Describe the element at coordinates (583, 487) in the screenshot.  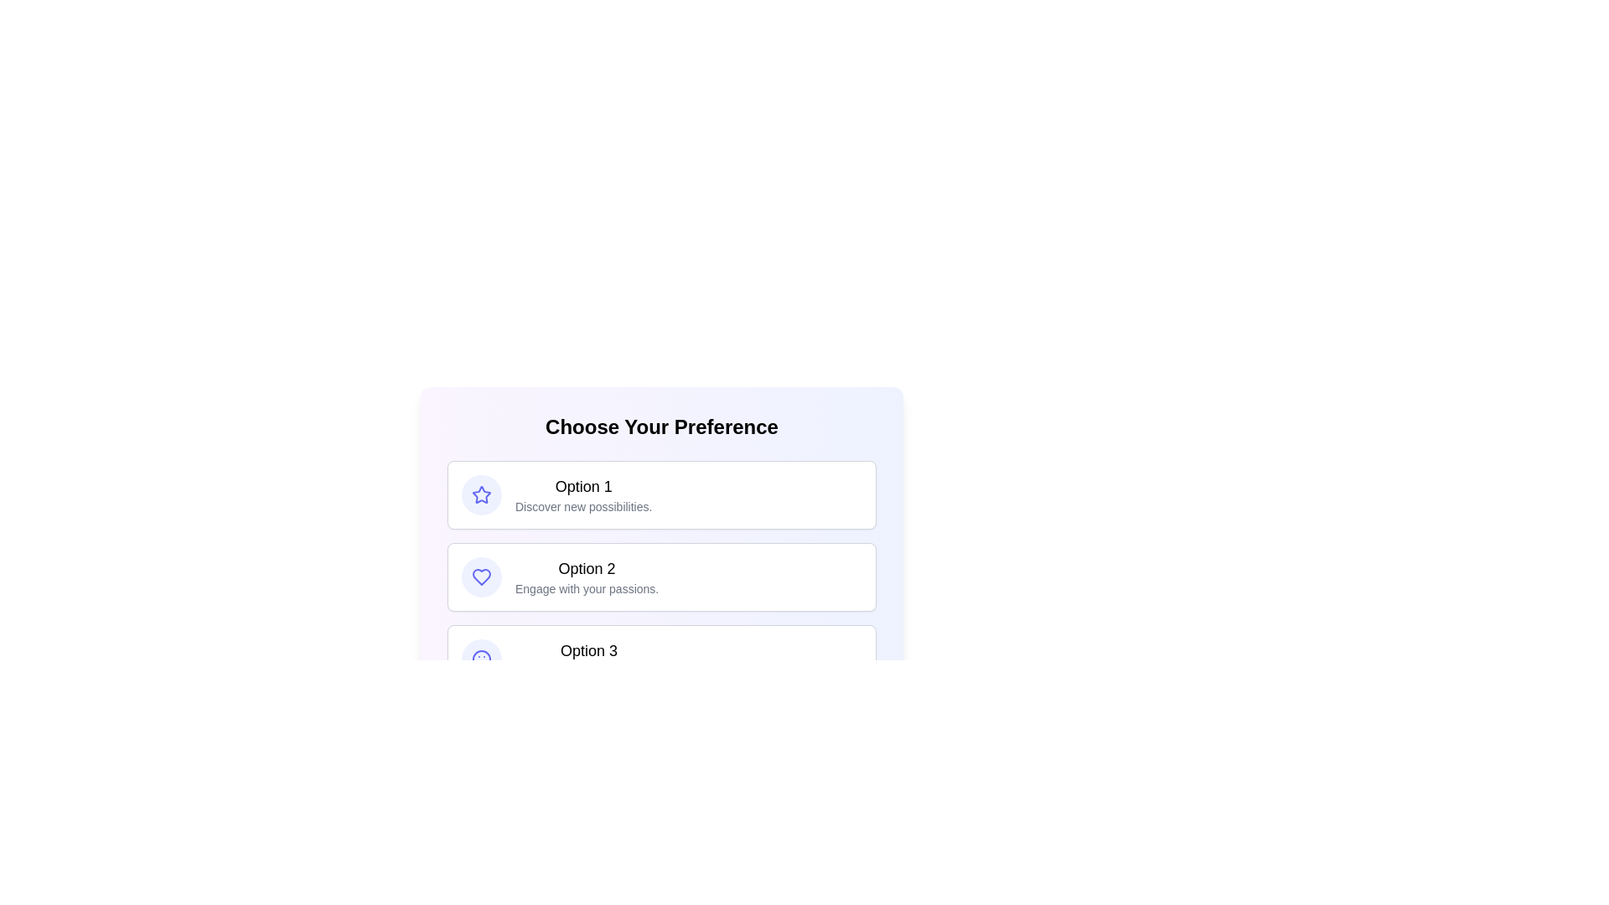
I see `the text label that serves as the title of the first selectable option in the preference selection interface under 'Choose Your Preference'` at that location.